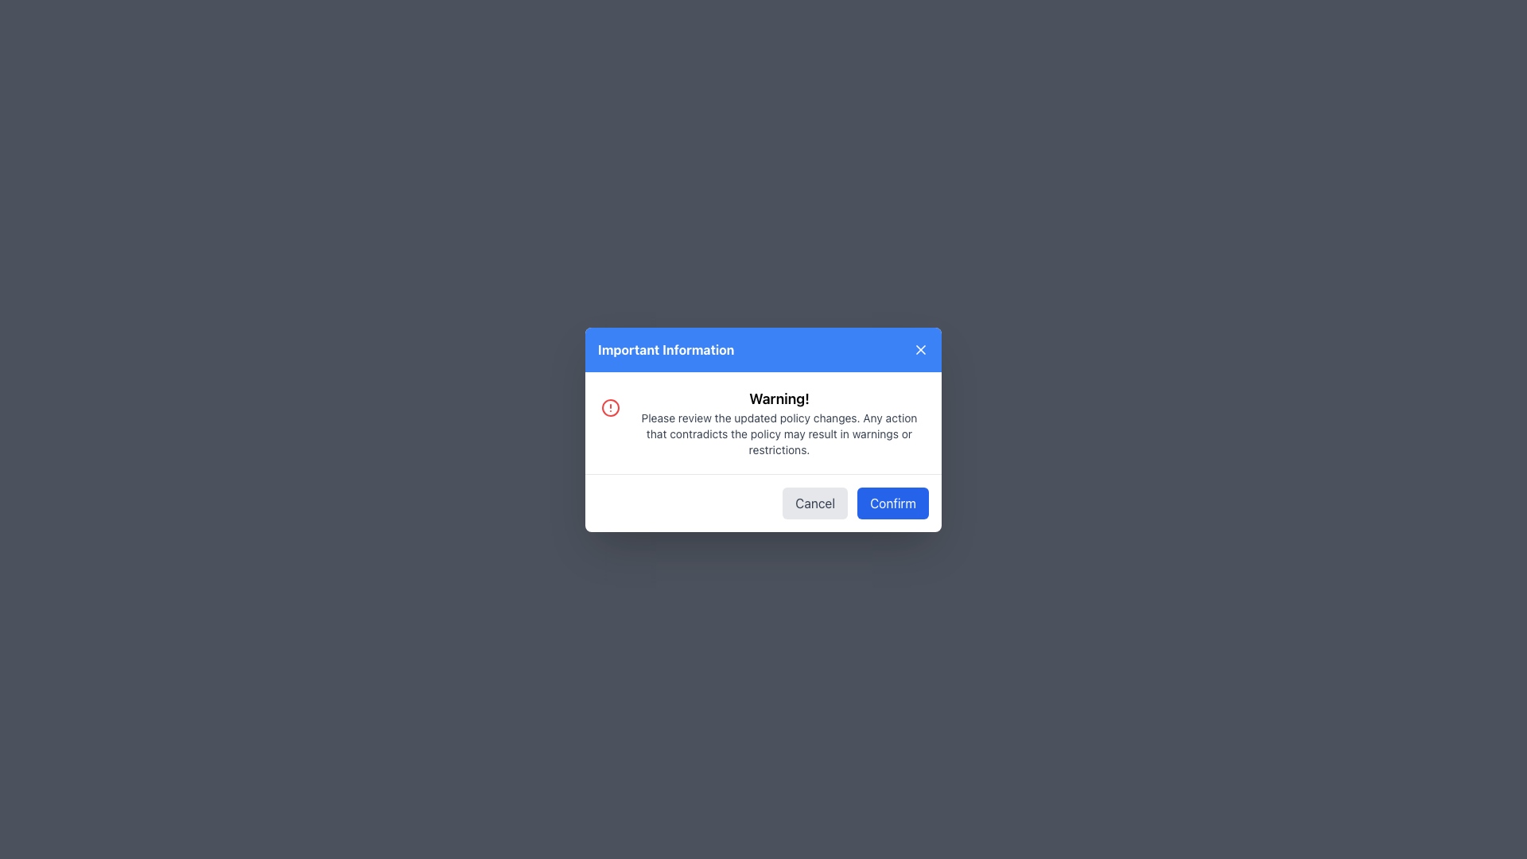 This screenshot has width=1527, height=859. I want to click on the circular graphical element that serves as an indicator in the alert icon located in the top left of the warning dialog box, so click(610, 406).